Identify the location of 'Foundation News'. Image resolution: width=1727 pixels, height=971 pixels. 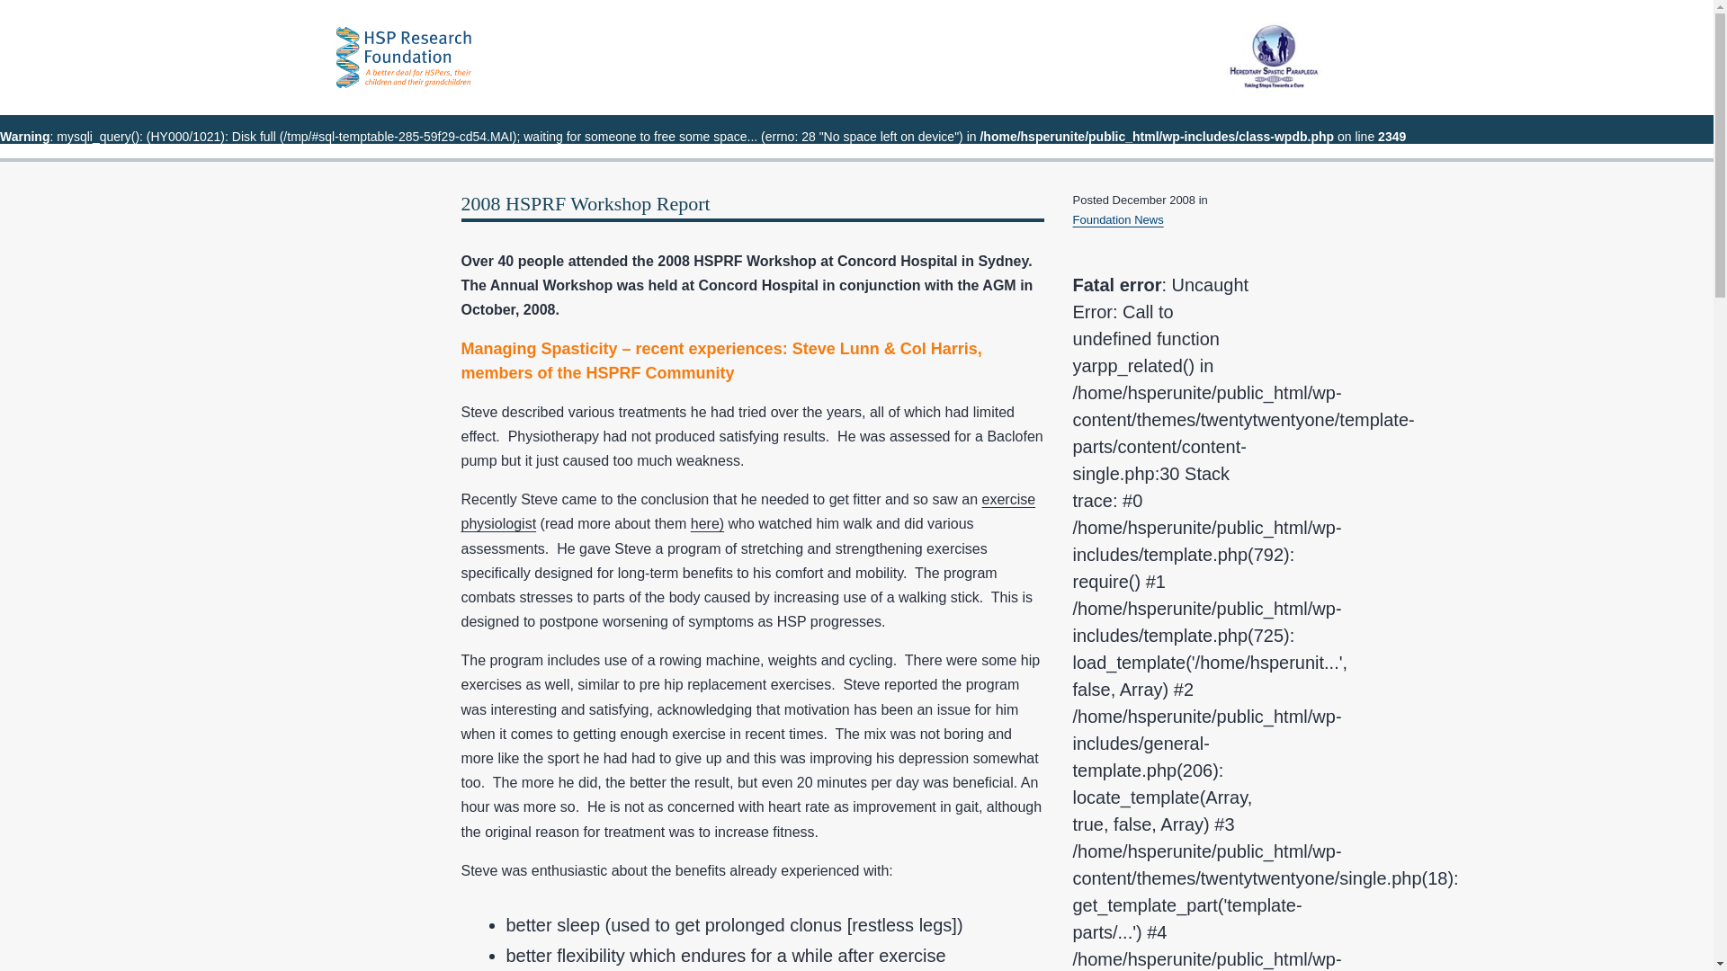
(1116, 218).